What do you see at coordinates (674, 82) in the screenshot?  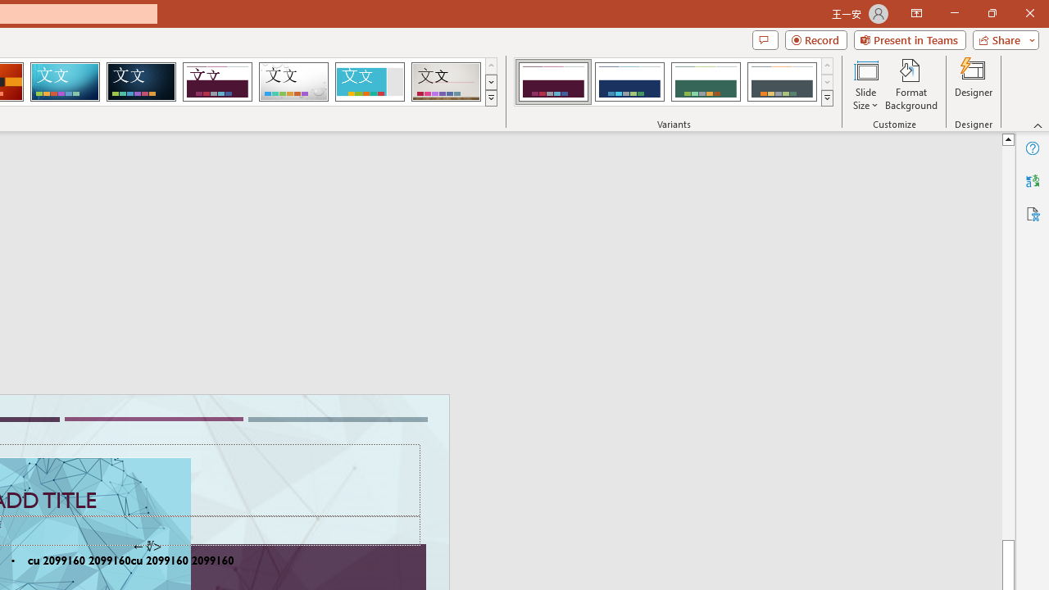 I see `'AutomationID: ThemeVariantsGallery'` at bounding box center [674, 82].